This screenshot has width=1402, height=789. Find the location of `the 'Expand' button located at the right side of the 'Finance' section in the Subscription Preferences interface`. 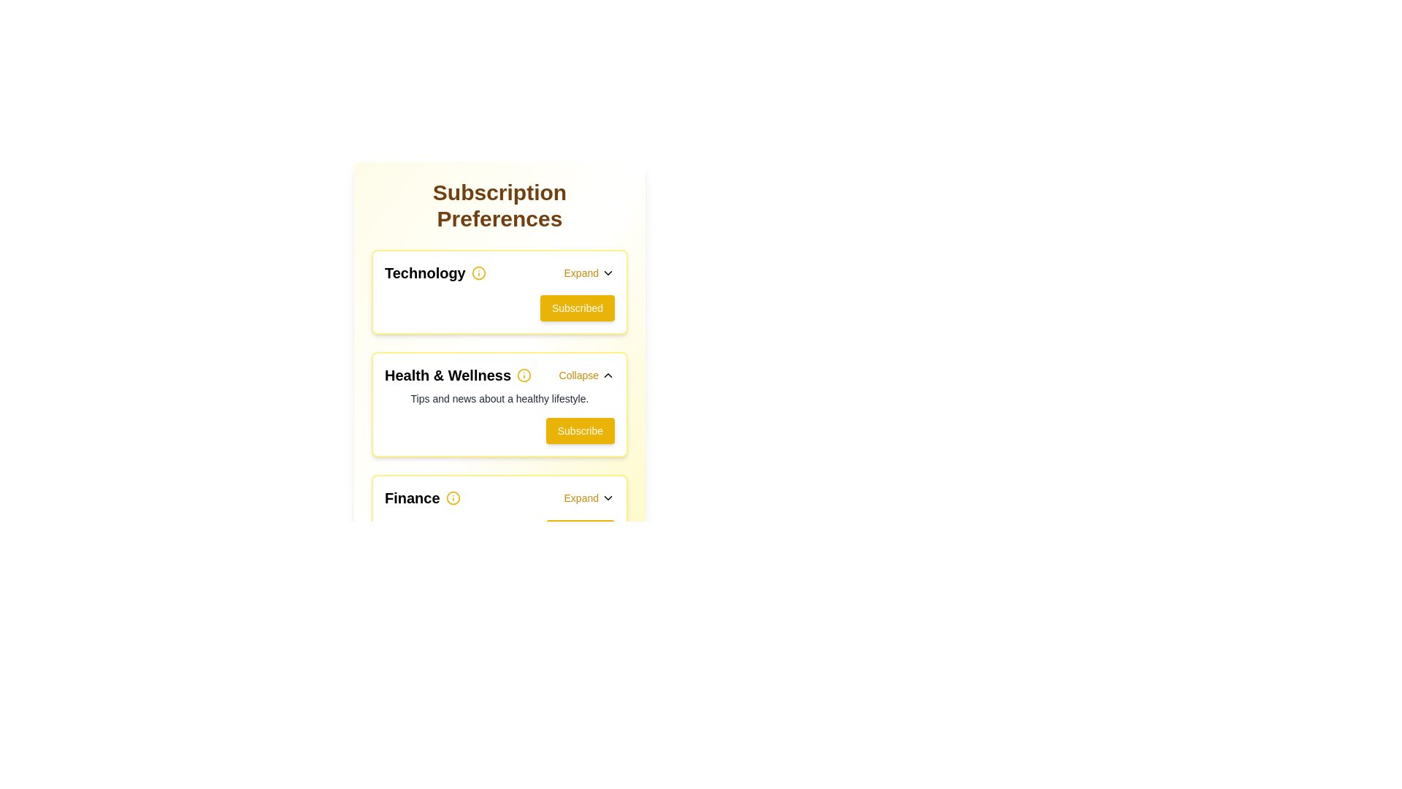

the 'Expand' button located at the right side of the 'Finance' section in the Subscription Preferences interface is located at coordinates (589, 498).